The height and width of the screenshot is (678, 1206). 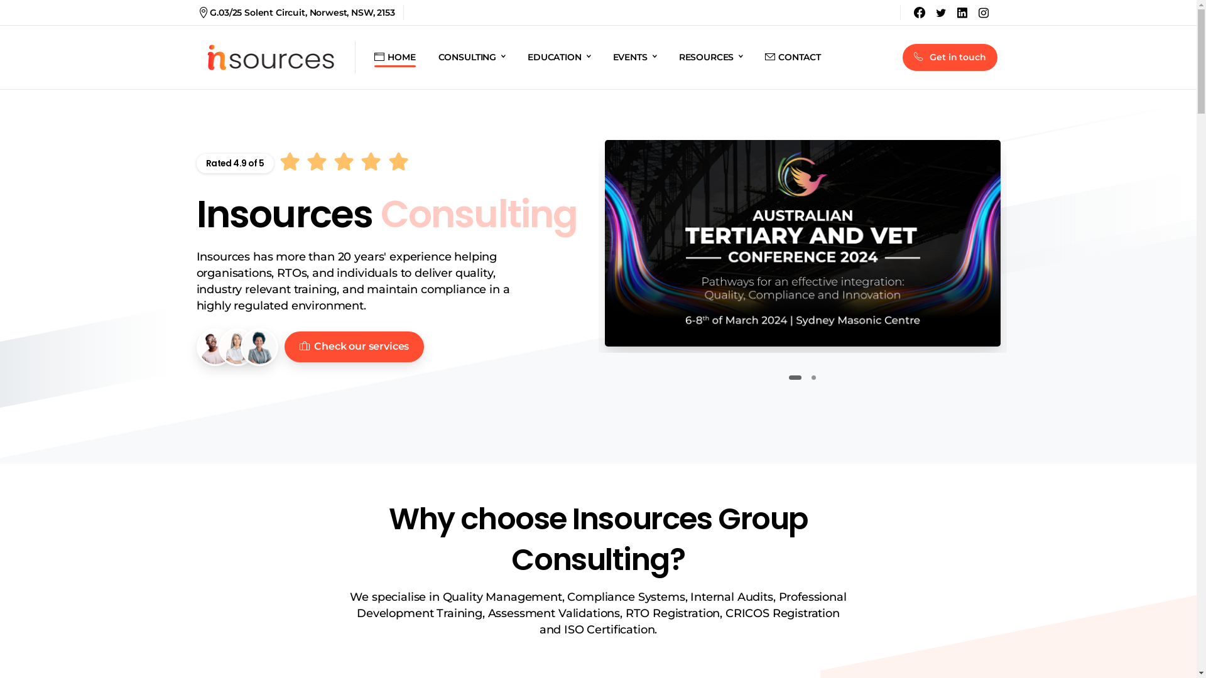 What do you see at coordinates (940, 12) in the screenshot?
I see `'twitter'` at bounding box center [940, 12].